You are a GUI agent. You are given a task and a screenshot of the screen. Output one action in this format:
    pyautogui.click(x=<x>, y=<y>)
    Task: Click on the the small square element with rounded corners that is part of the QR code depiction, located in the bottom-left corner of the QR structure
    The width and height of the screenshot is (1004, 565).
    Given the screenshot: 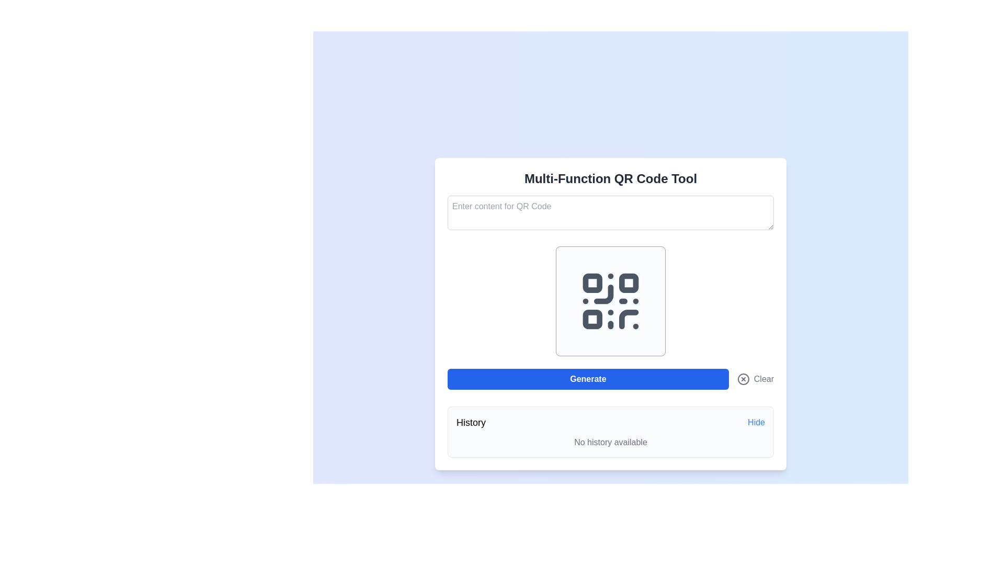 What is the action you would take?
    pyautogui.click(x=592, y=319)
    